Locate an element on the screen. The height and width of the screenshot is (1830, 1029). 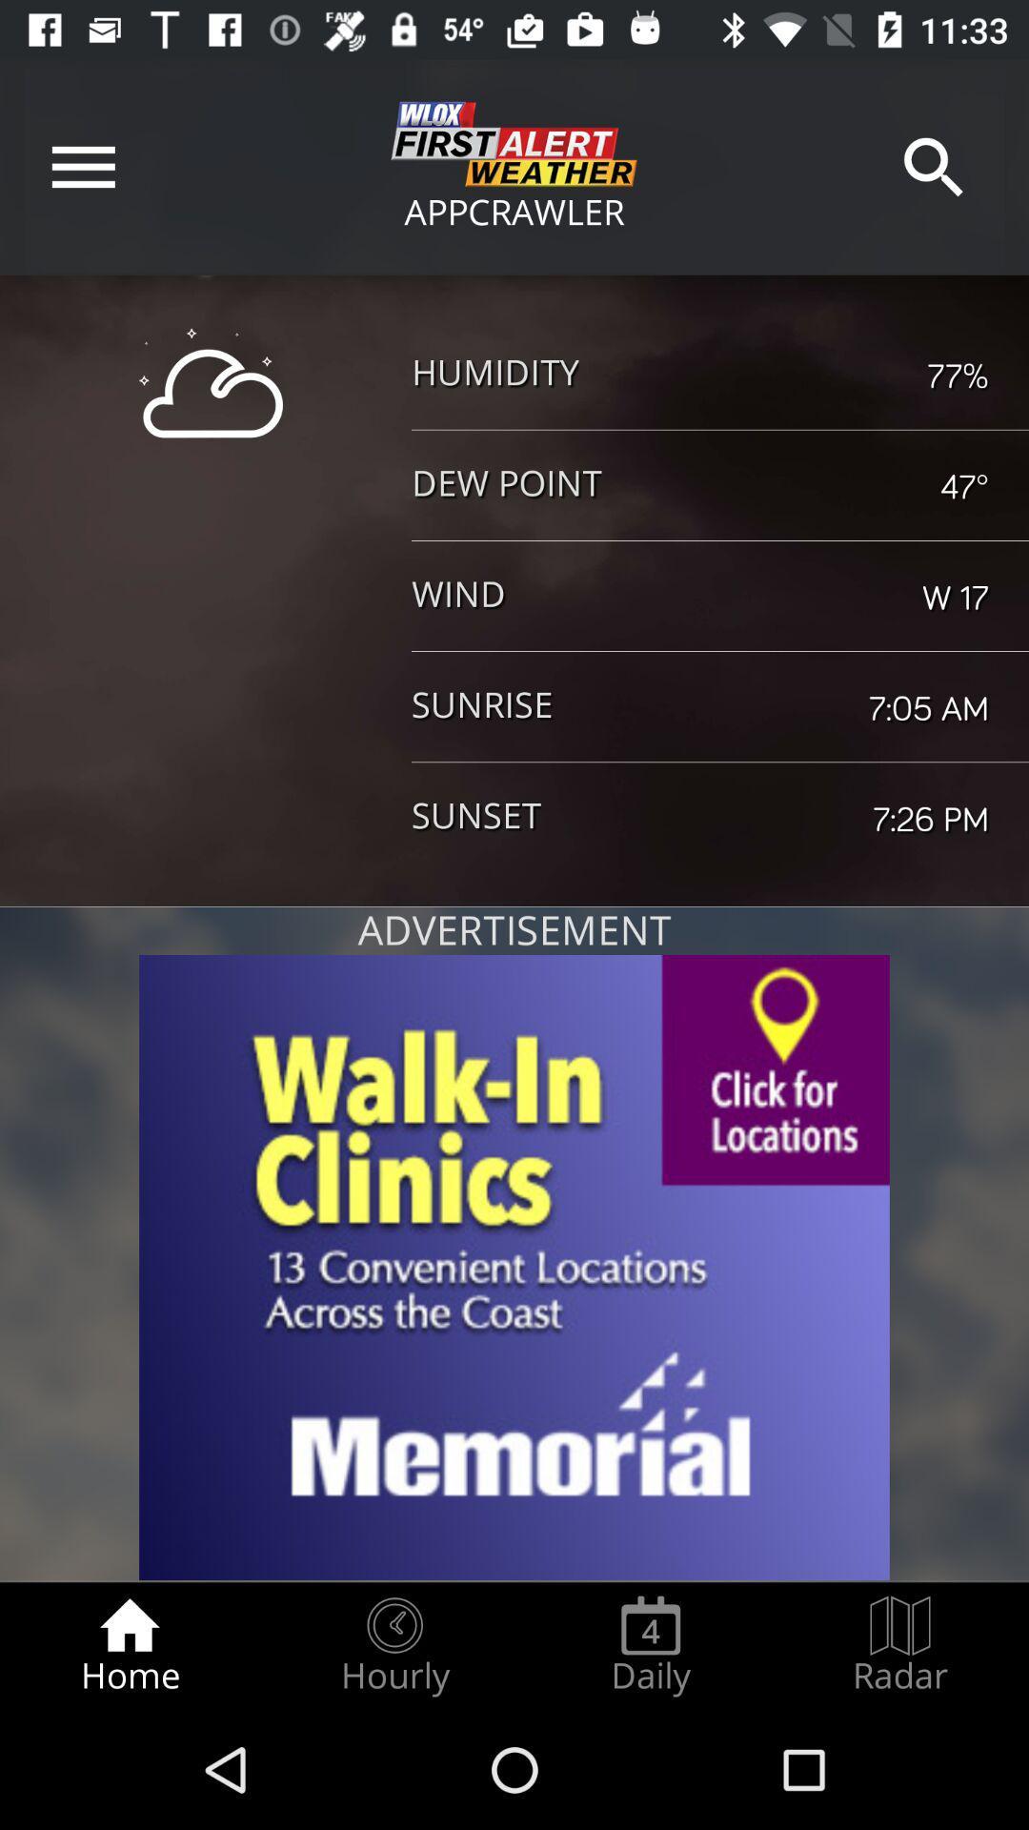
home at the bottom left corner is located at coordinates (129, 1645).